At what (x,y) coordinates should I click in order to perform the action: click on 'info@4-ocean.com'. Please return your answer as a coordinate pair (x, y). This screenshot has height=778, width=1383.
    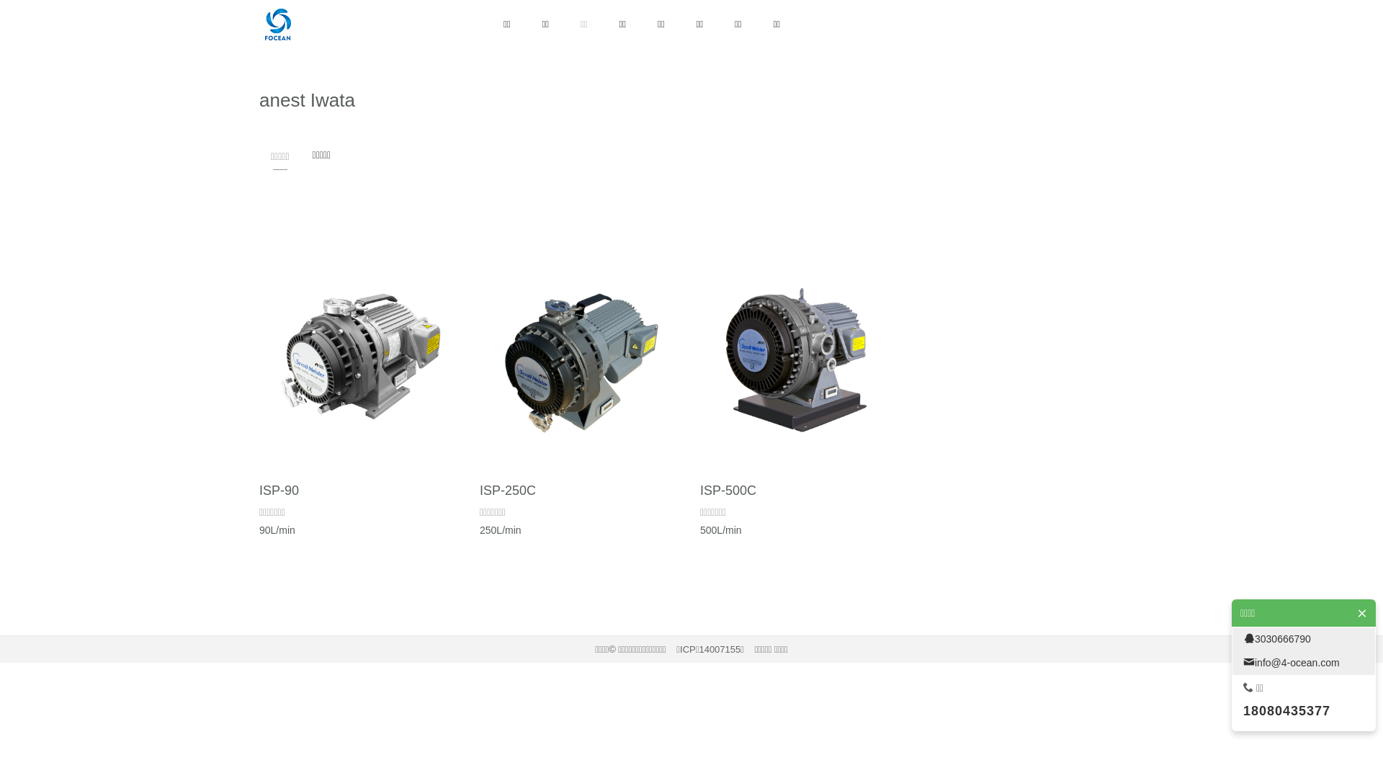
    Looking at the image, I should click on (1231, 663).